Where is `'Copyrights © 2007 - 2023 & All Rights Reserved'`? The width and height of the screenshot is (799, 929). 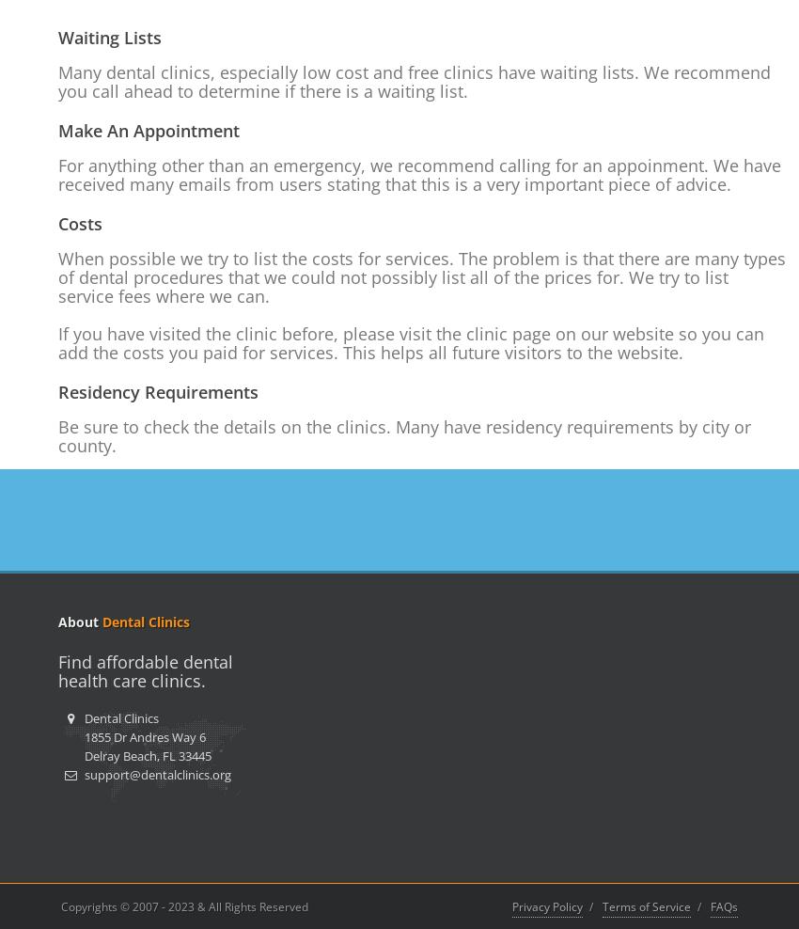 'Copyrights © 2007 - 2023 & All Rights Reserved' is located at coordinates (183, 906).